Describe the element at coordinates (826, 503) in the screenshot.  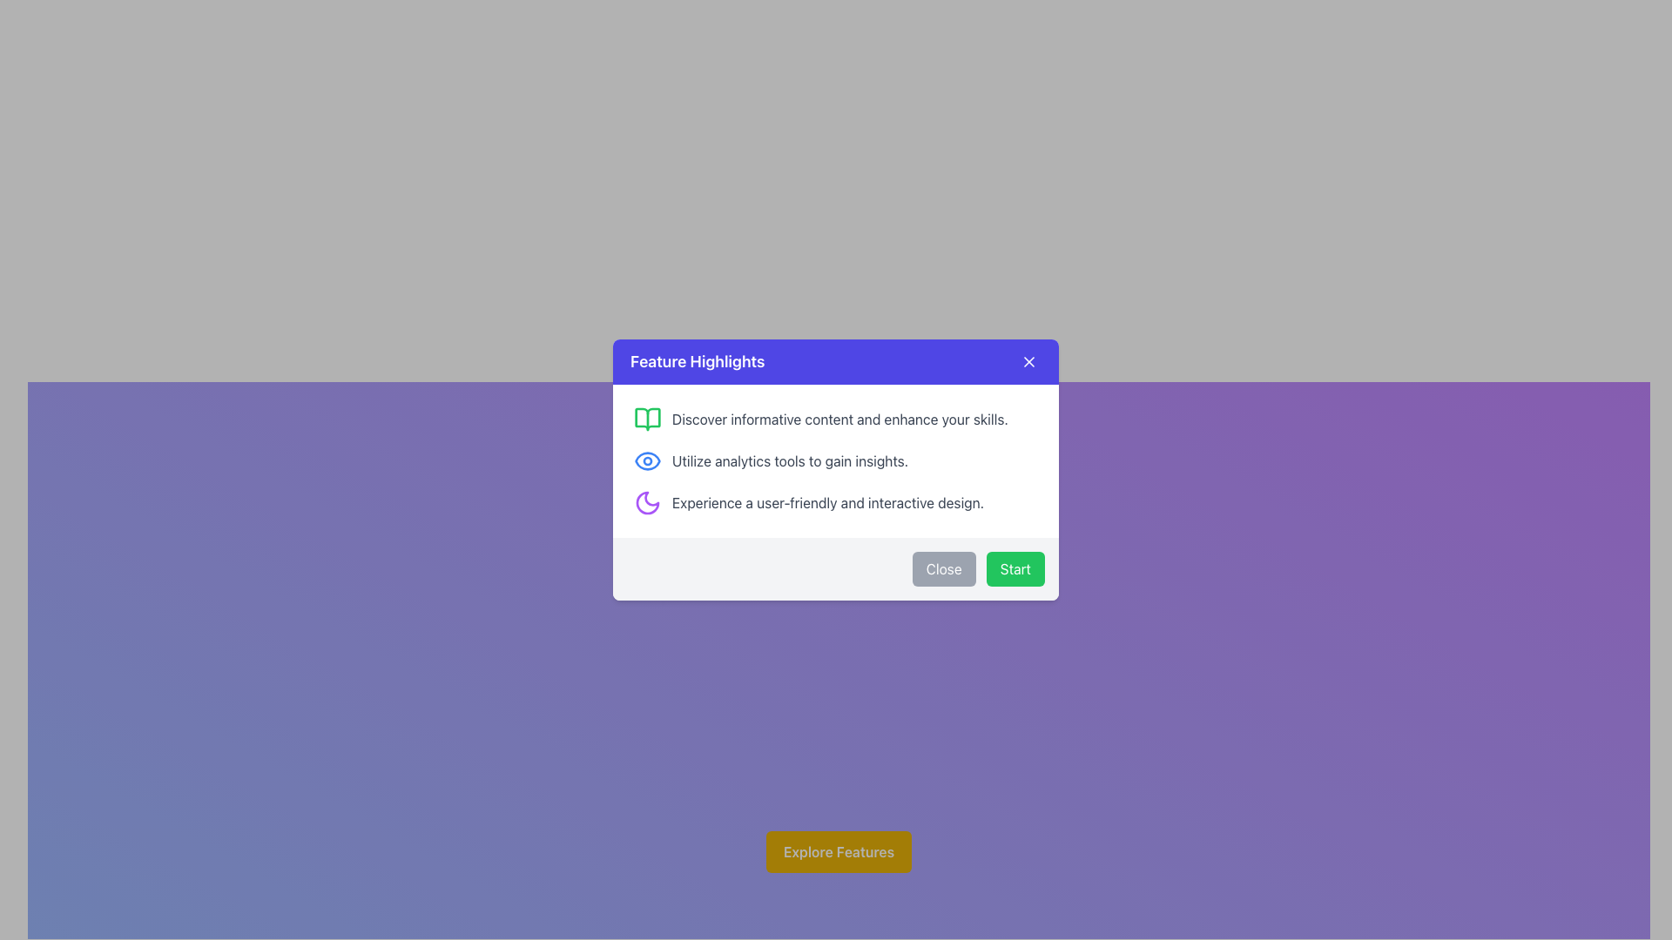
I see `the text label displaying 'Experience a user-friendly and interactive design' located at the bottom of the feature list in the modal dialog` at that location.